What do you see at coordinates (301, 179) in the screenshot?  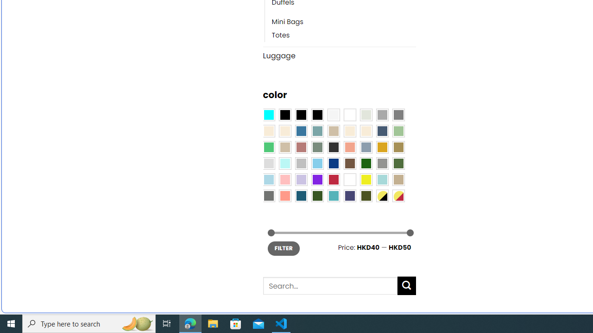 I see `'Light Purple'` at bounding box center [301, 179].